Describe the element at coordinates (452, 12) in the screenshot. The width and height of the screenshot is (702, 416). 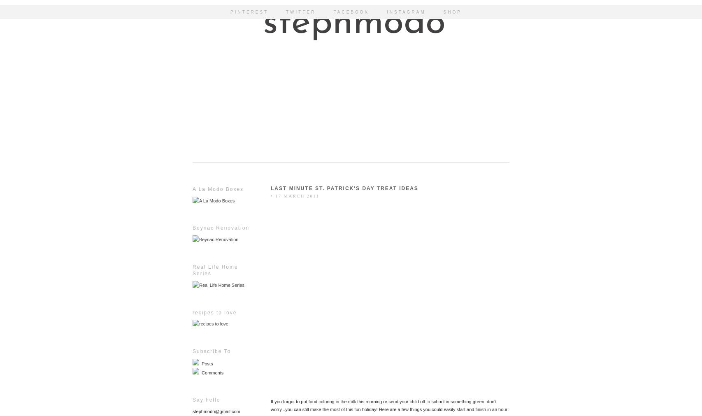
I see `'SHOP'` at that location.